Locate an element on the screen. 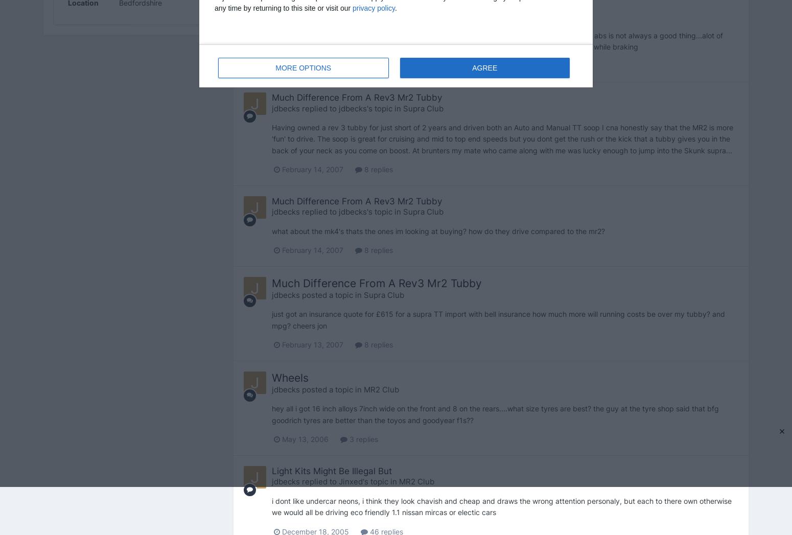 The height and width of the screenshot is (535, 792). 'May 13, 2006' is located at coordinates (305, 438).